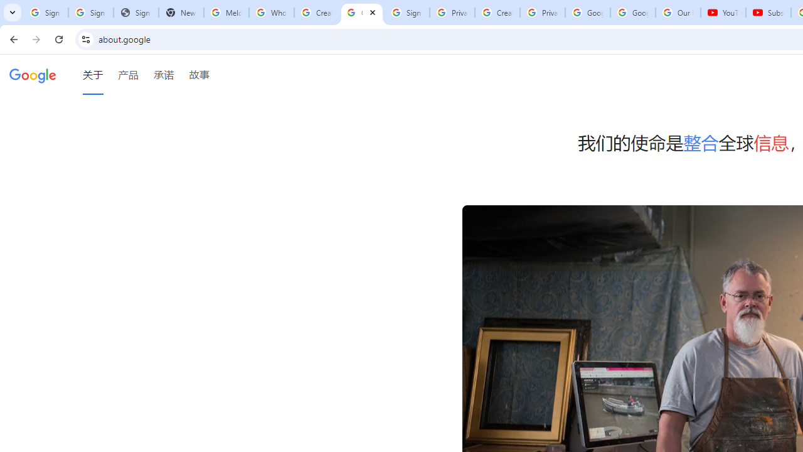 The width and height of the screenshot is (803, 452). What do you see at coordinates (632, 13) in the screenshot?
I see `'Google Account'` at bounding box center [632, 13].